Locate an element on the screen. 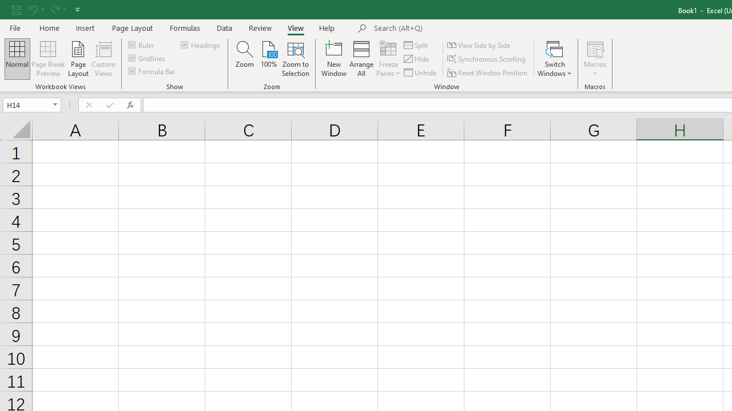 This screenshot has height=411, width=732. 'Gridlines' is located at coordinates (146, 58).